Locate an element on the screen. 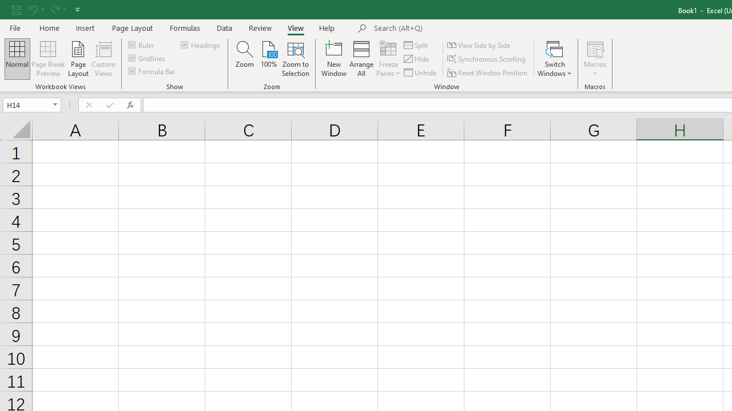 This screenshot has height=411, width=732. 'Gridlines' is located at coordinates (146, 58).